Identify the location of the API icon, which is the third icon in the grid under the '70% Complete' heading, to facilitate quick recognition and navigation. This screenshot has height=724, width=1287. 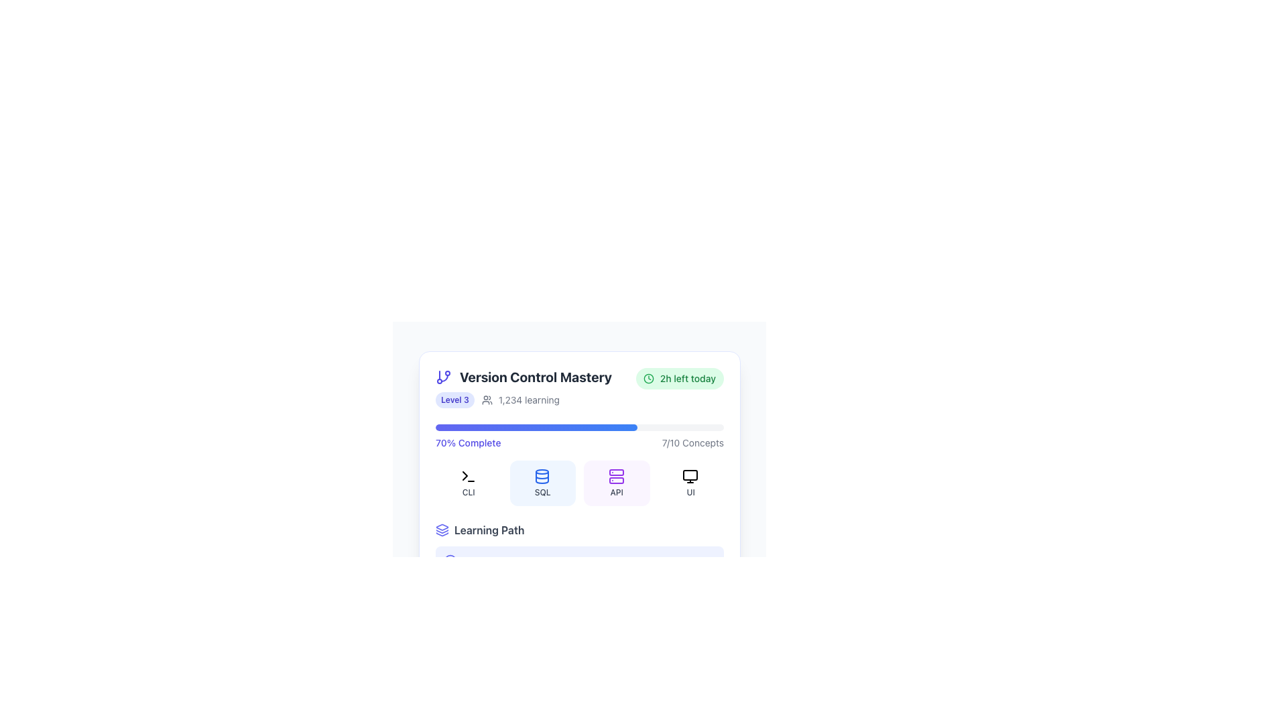
(615, 475).